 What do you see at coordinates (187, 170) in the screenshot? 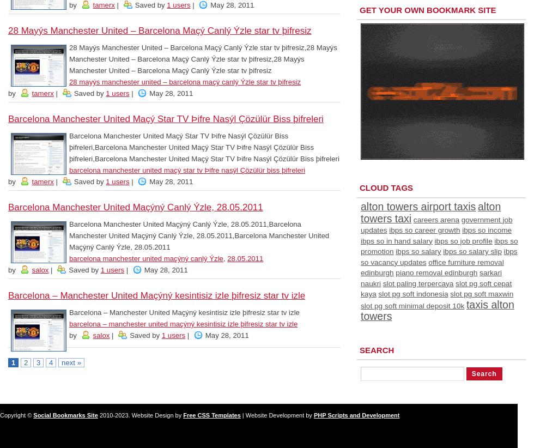
I see `'barcelona manchester united maçý star tv Þifre nasýl Çözülür biss þifreleri'` at bounding box center [187, 170].